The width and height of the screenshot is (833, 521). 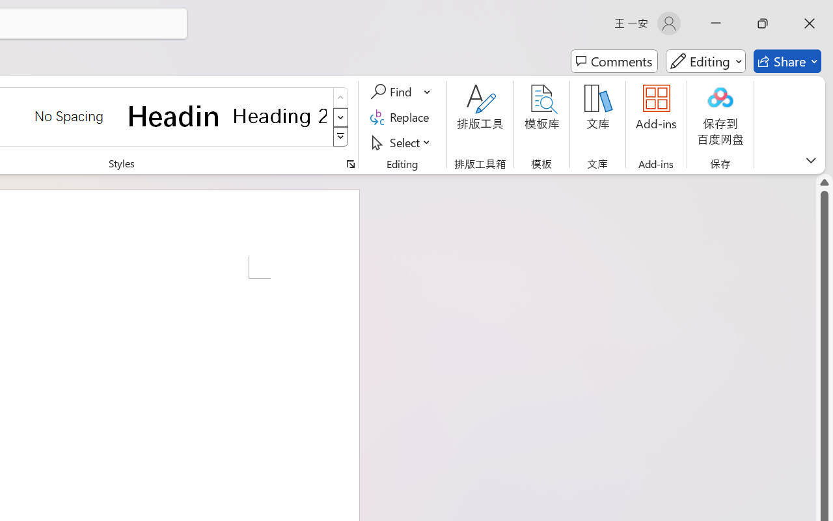 What do you see at coordinates (350, 163) in the screenshot?
I see `'Styles...'` at bounding box center [350, 163].